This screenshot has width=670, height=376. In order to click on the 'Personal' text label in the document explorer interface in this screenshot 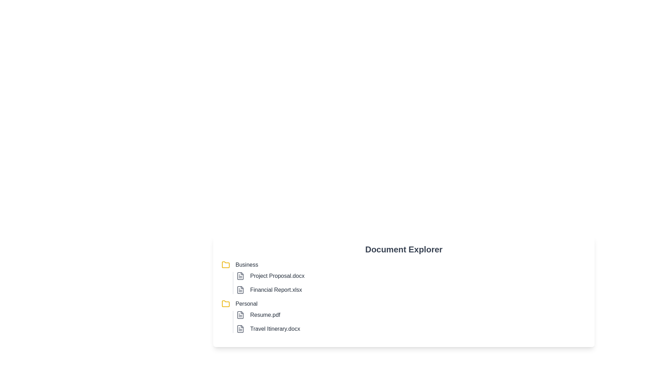, I will do `click(246, 303)`.